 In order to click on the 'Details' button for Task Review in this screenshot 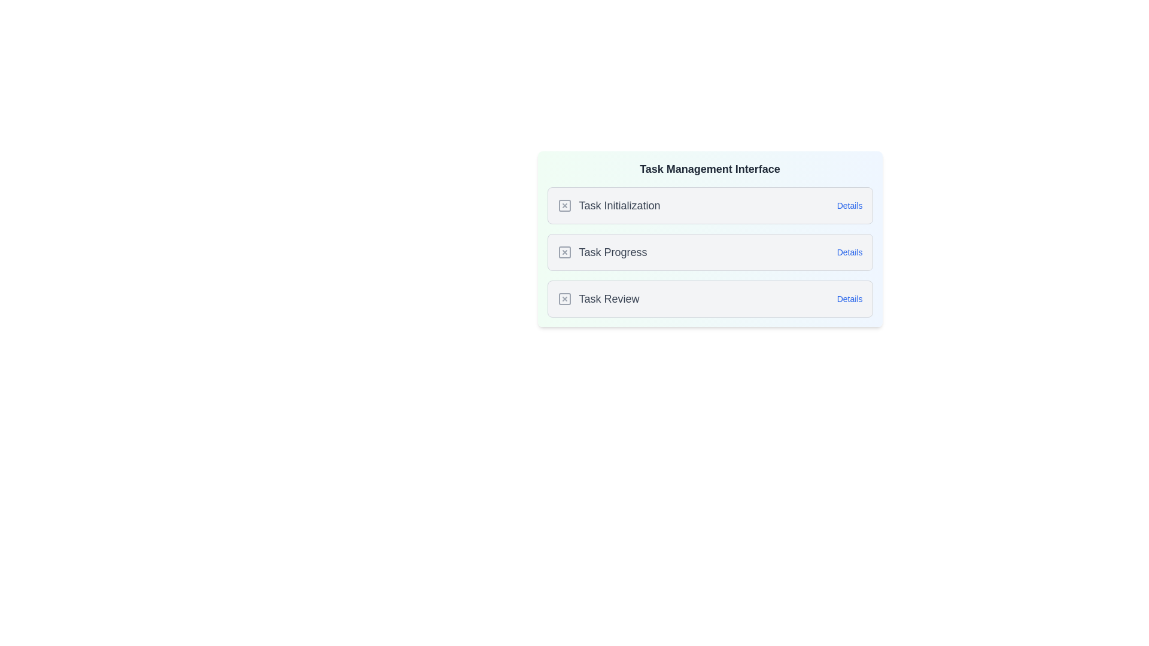, I will do `click(849, 298)`.